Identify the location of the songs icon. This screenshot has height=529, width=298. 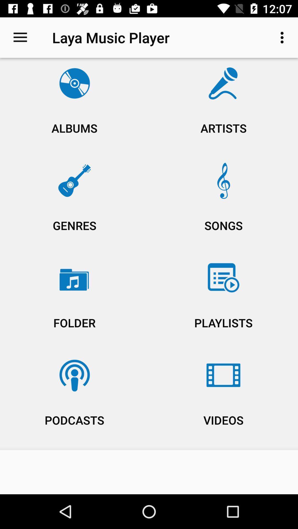
(223, 205).